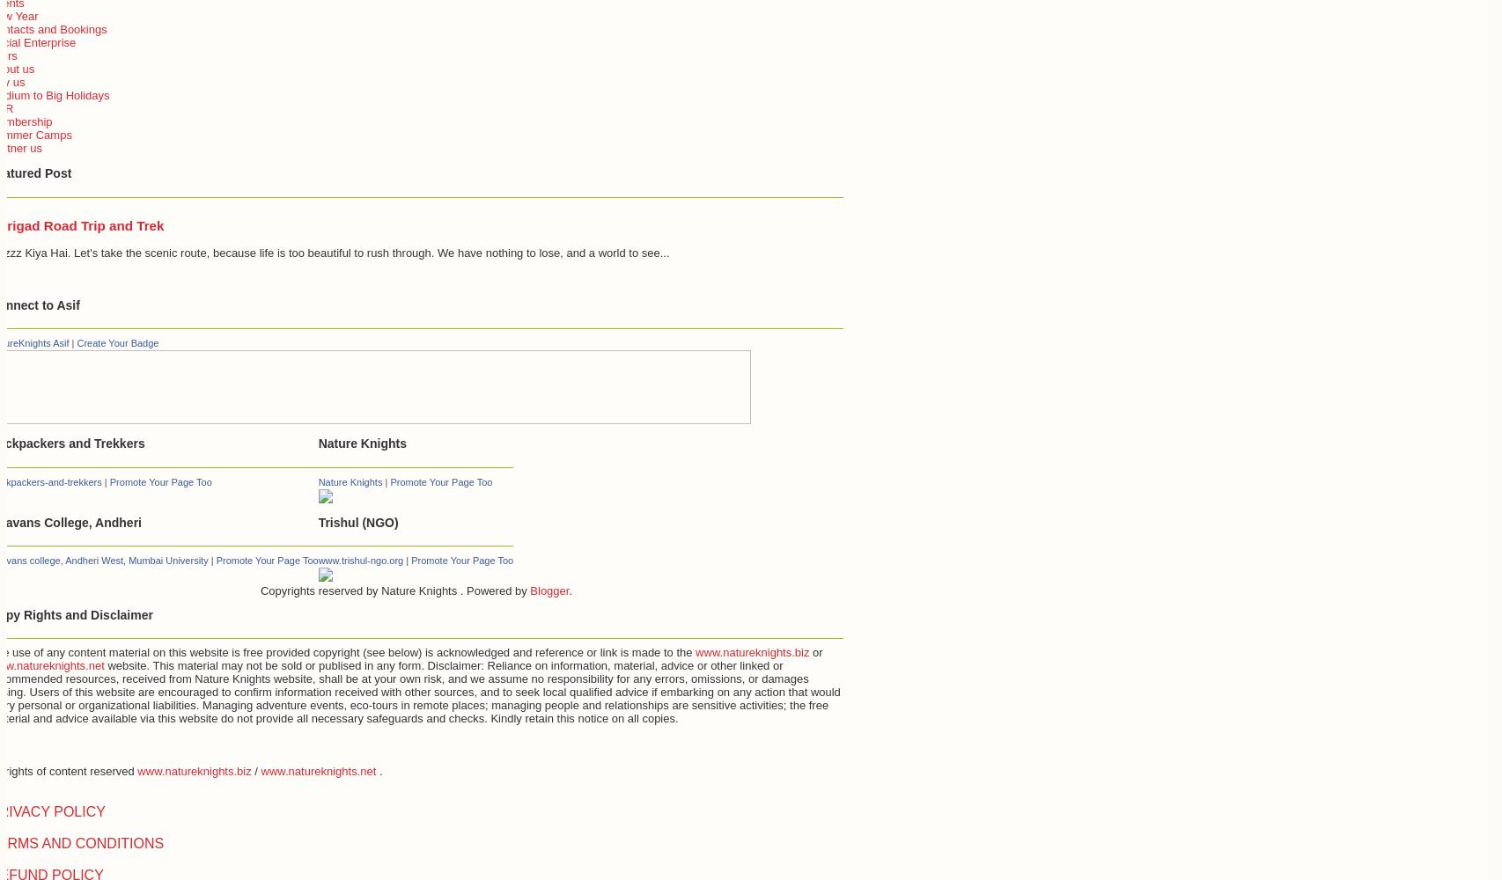 This screenshot has height=880, width=1502. Describe the element at coordinates (394, 590) in the screenshot. I see `'Copyrights reserved by Nature Knights . Powered by'` at that location.